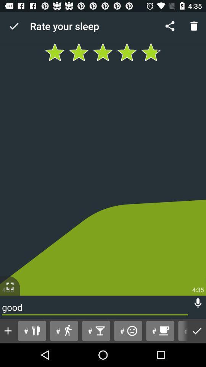  I want to click on #, so click(63, 330).